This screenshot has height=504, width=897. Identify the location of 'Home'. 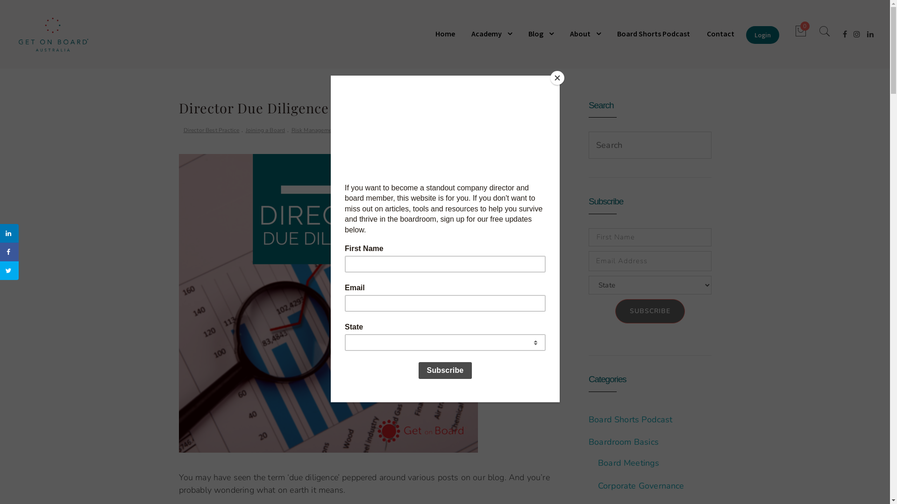
(448, 33).